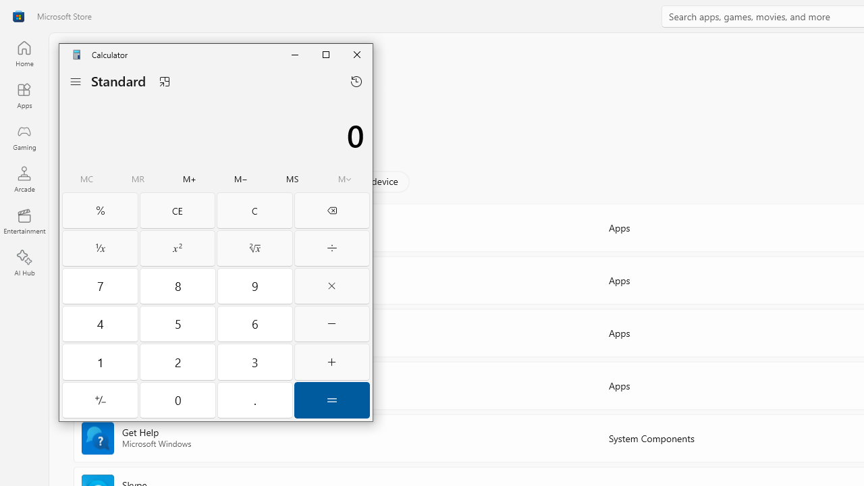 This screenshot has width=864, height=486. I want to click on 'Memory subtract', so click(241, 179).